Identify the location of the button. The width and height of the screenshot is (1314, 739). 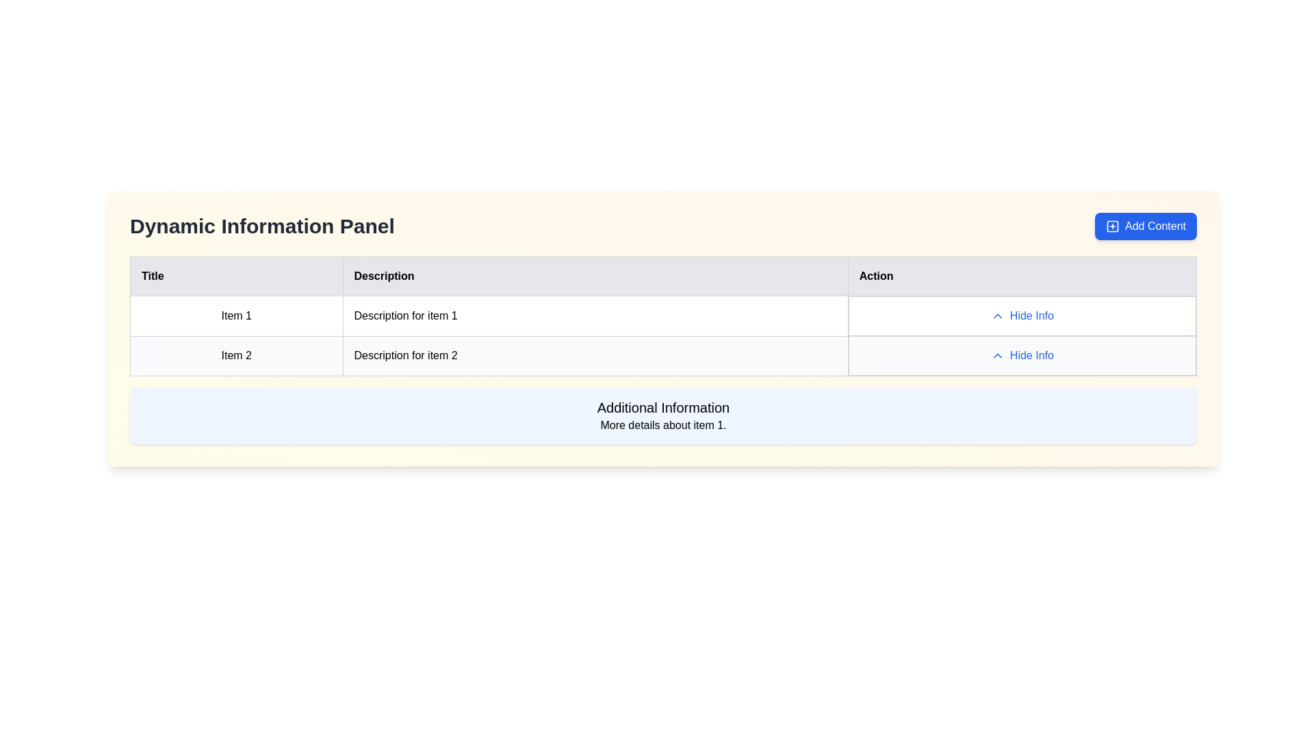
(1022, 316).